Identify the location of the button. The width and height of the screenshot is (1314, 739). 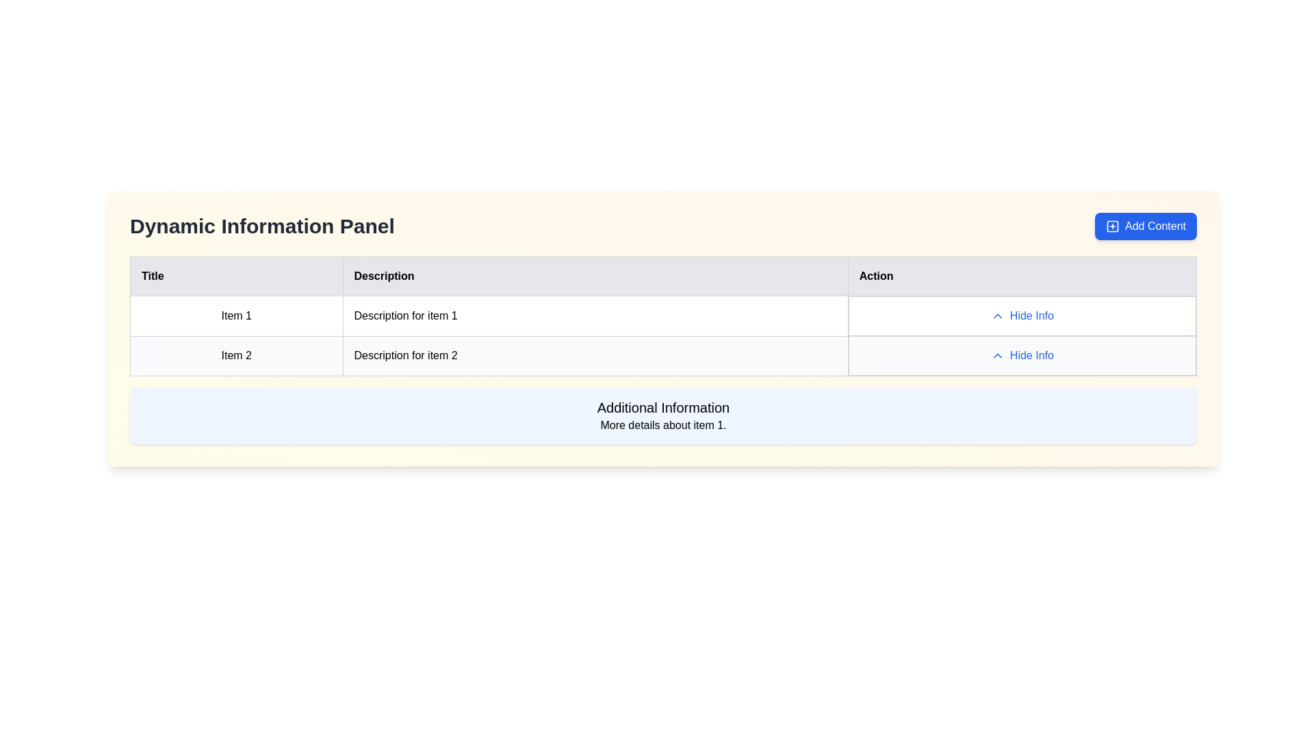
(1022, 316).